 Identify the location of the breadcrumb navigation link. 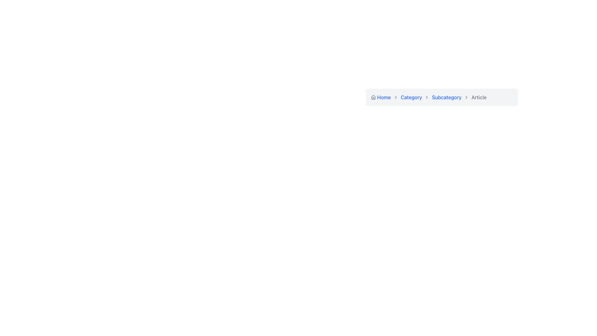
(442, 97).